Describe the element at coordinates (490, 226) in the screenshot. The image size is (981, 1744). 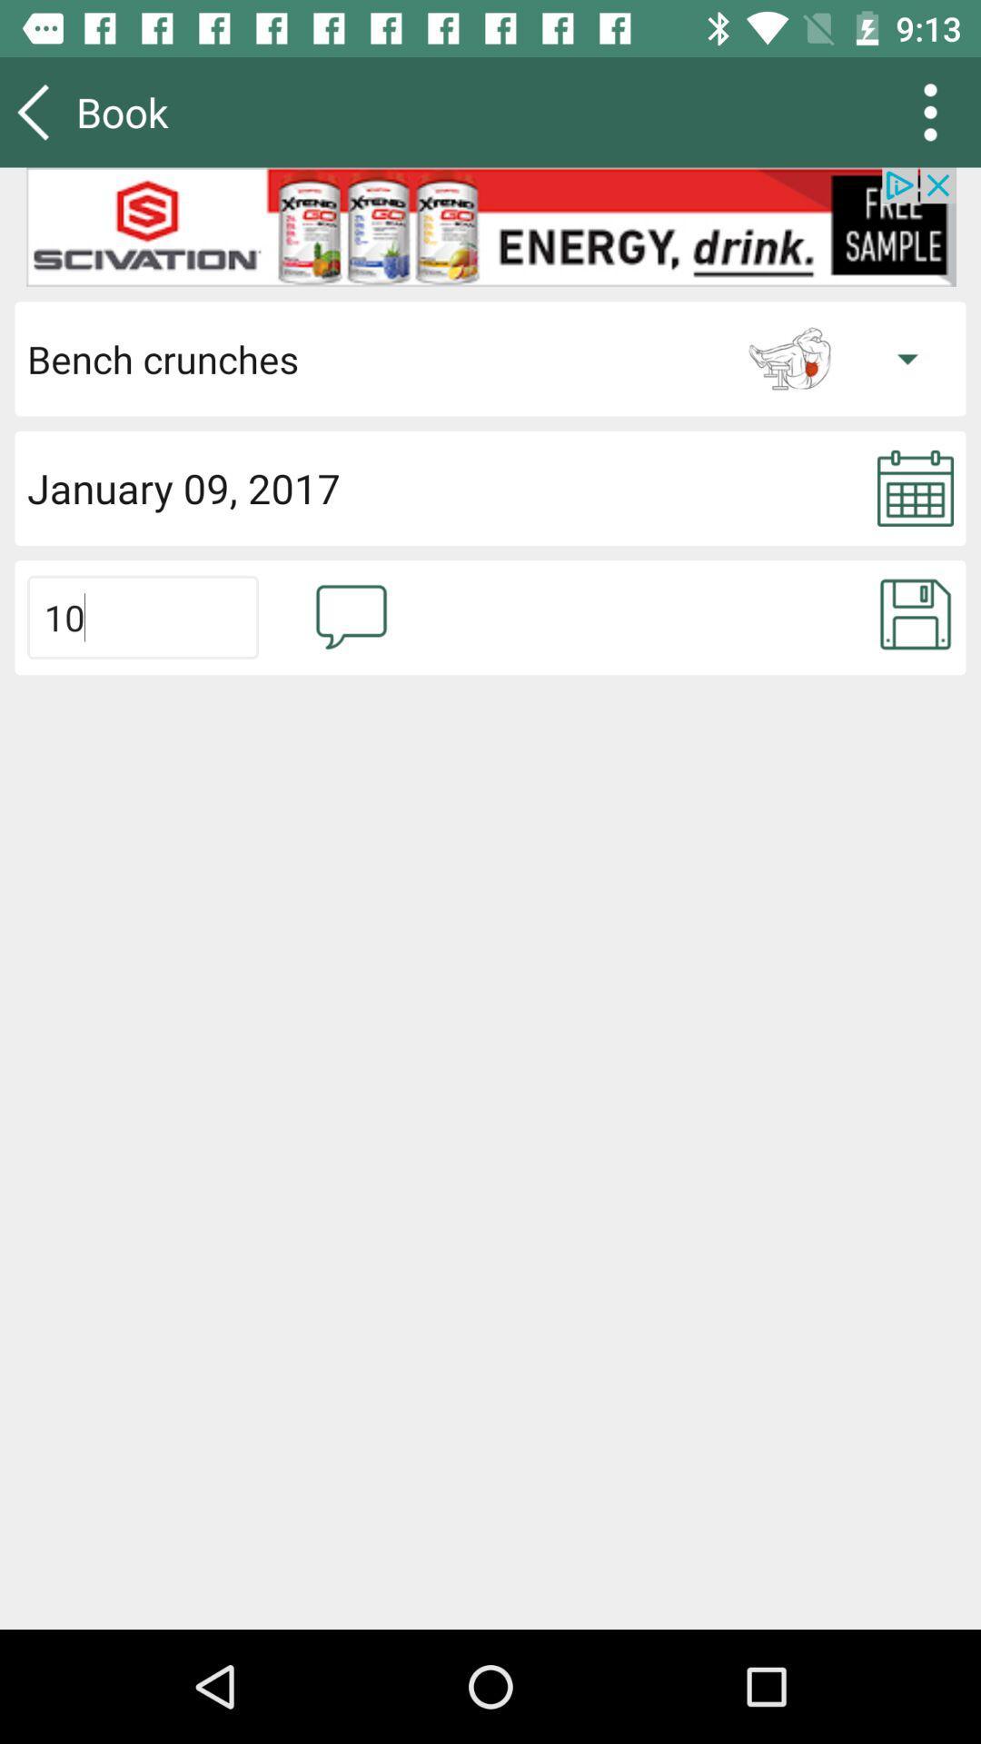
I see `open an advertisements` at that location.